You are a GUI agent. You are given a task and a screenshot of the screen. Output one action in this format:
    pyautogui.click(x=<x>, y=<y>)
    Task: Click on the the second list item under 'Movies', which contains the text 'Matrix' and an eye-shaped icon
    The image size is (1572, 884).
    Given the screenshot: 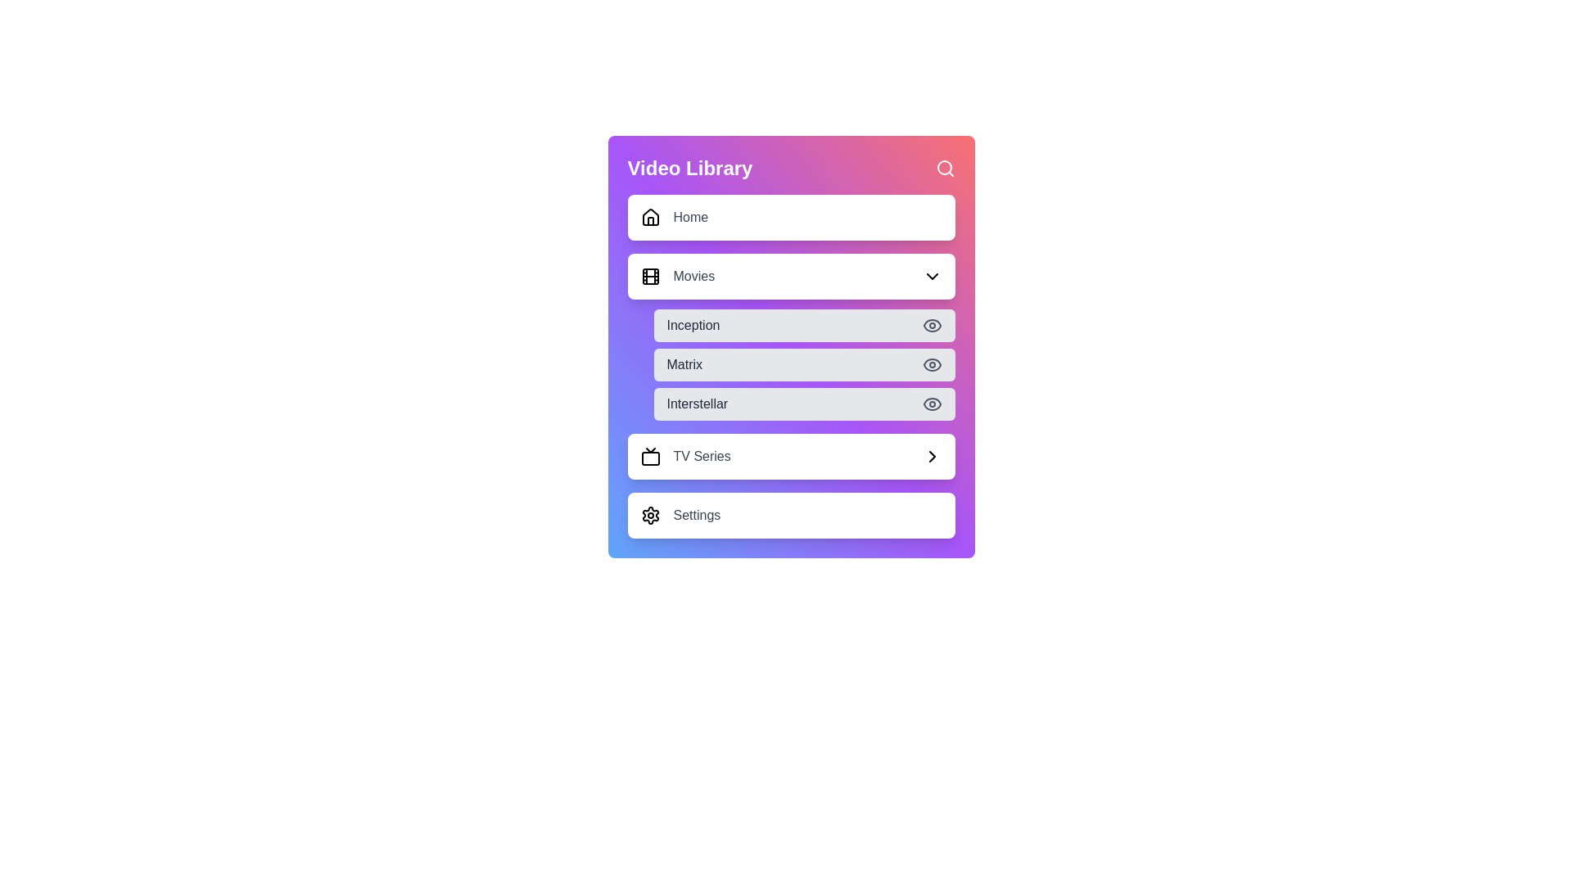 What is the action you would take?
    pyautogui.click(x=791, y=346)
    